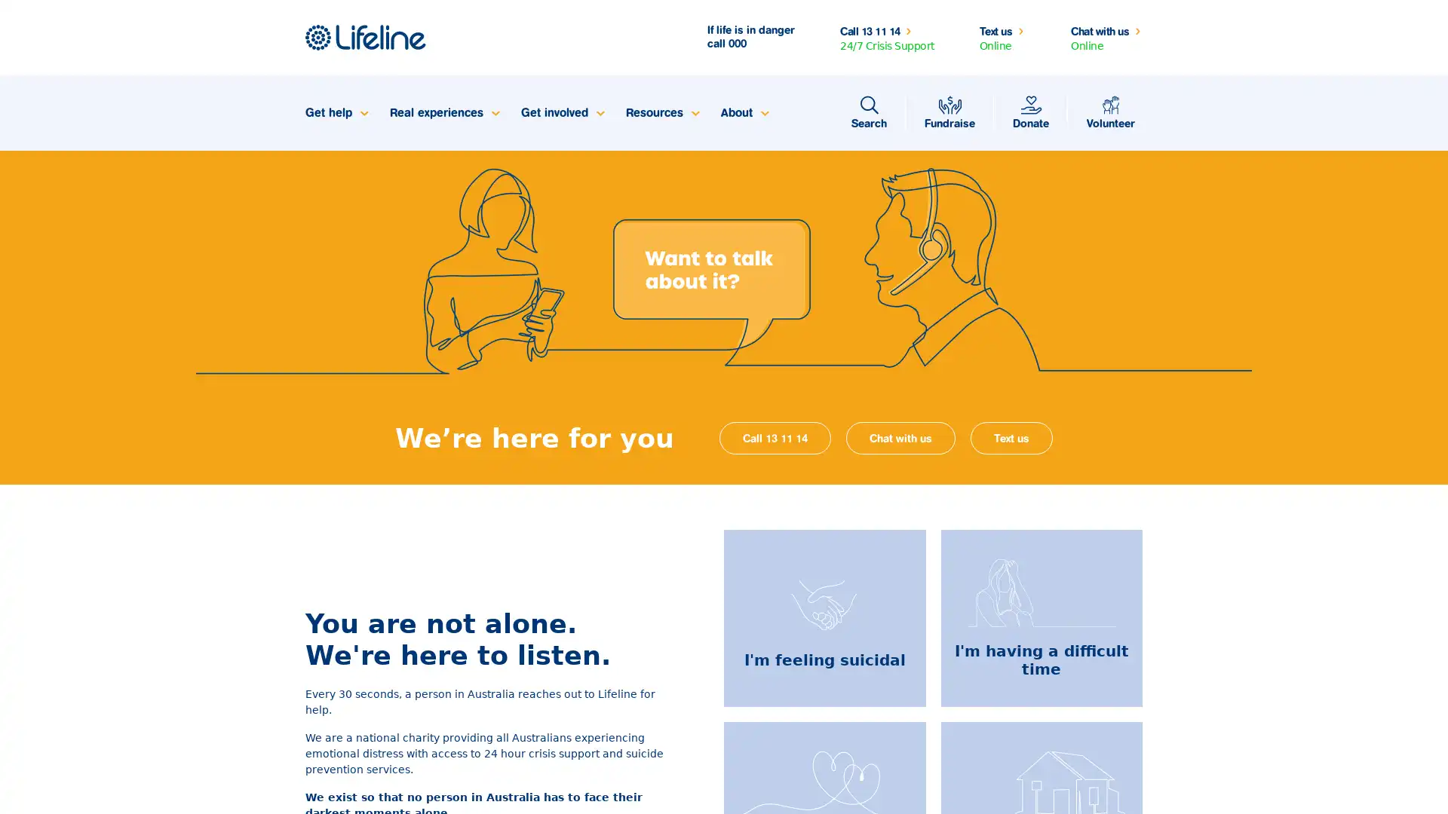  What do you see at coordinates (869, 112) in the screenshot?
I see `Search` at bounding box center [869, 112].